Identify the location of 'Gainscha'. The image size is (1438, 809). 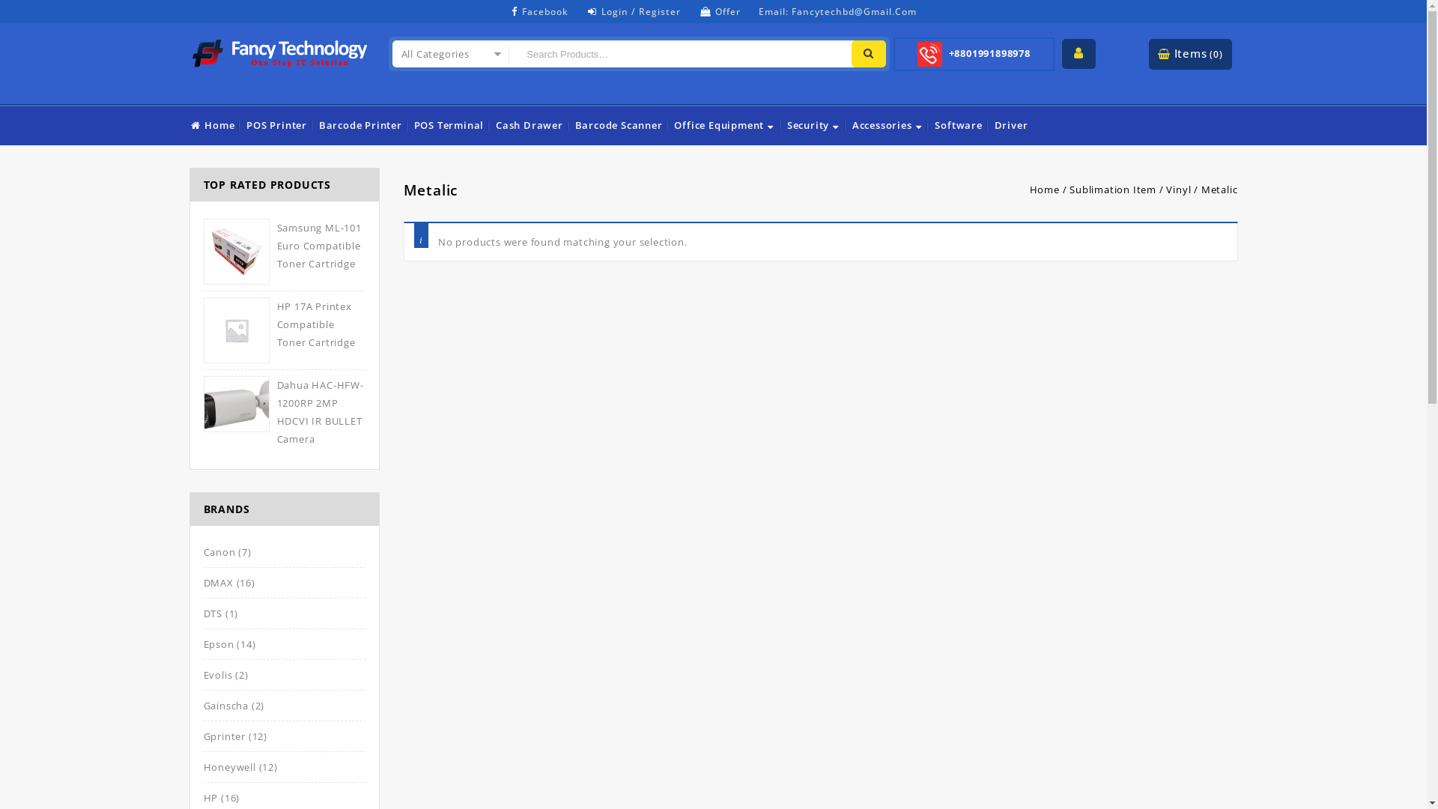
(225, 705).